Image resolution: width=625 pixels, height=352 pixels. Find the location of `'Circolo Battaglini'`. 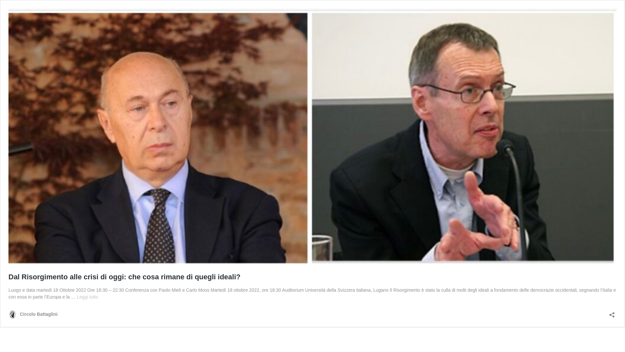

'Circolo Battaglini' is located at coordinates (33, 314).